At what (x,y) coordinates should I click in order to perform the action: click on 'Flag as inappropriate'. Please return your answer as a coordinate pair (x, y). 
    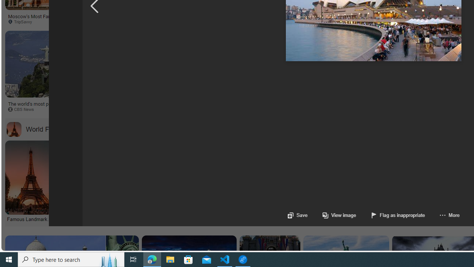
    Looking at the image, I should click on (390, 215).